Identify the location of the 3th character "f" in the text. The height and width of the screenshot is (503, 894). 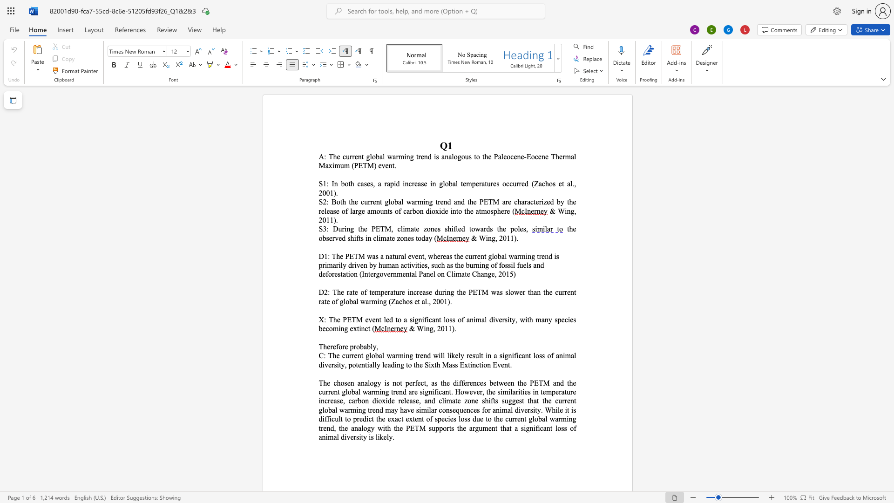
(483, 409).